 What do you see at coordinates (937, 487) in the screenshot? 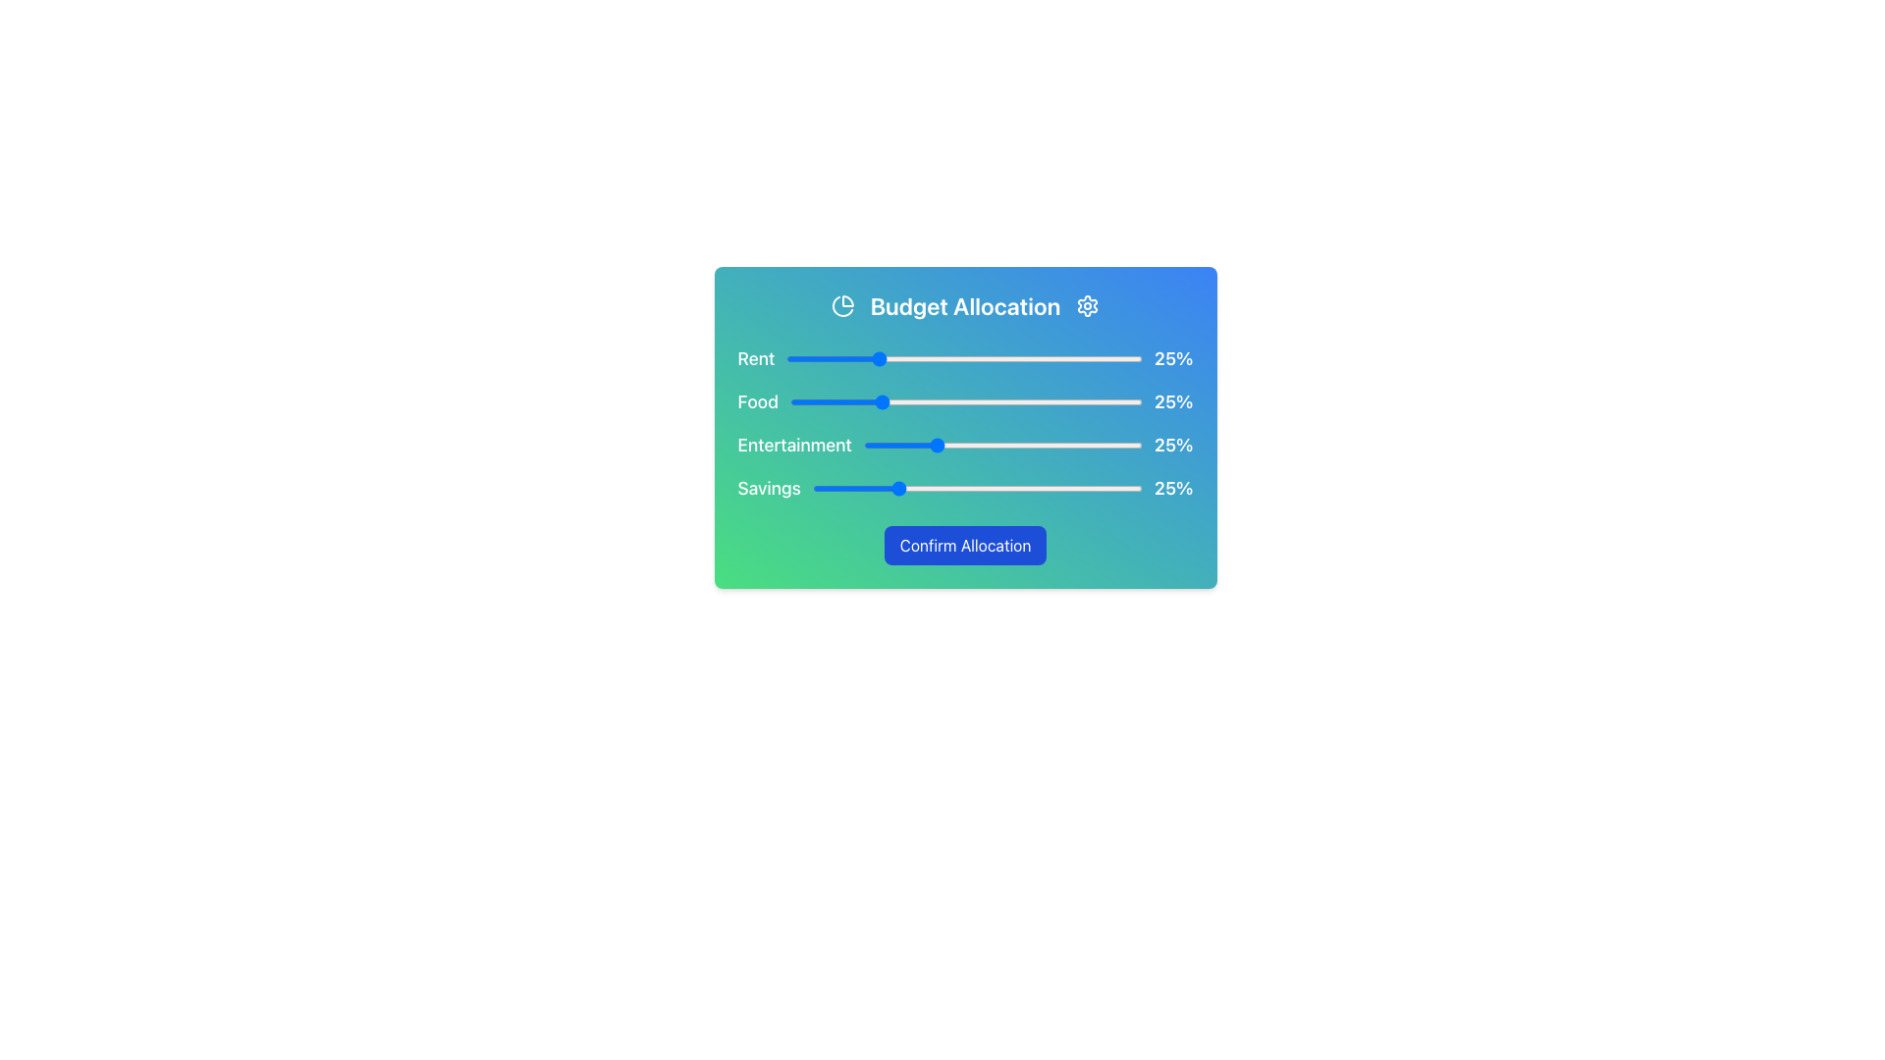
I see `the savings allocation` at bounding box center [937, 487].